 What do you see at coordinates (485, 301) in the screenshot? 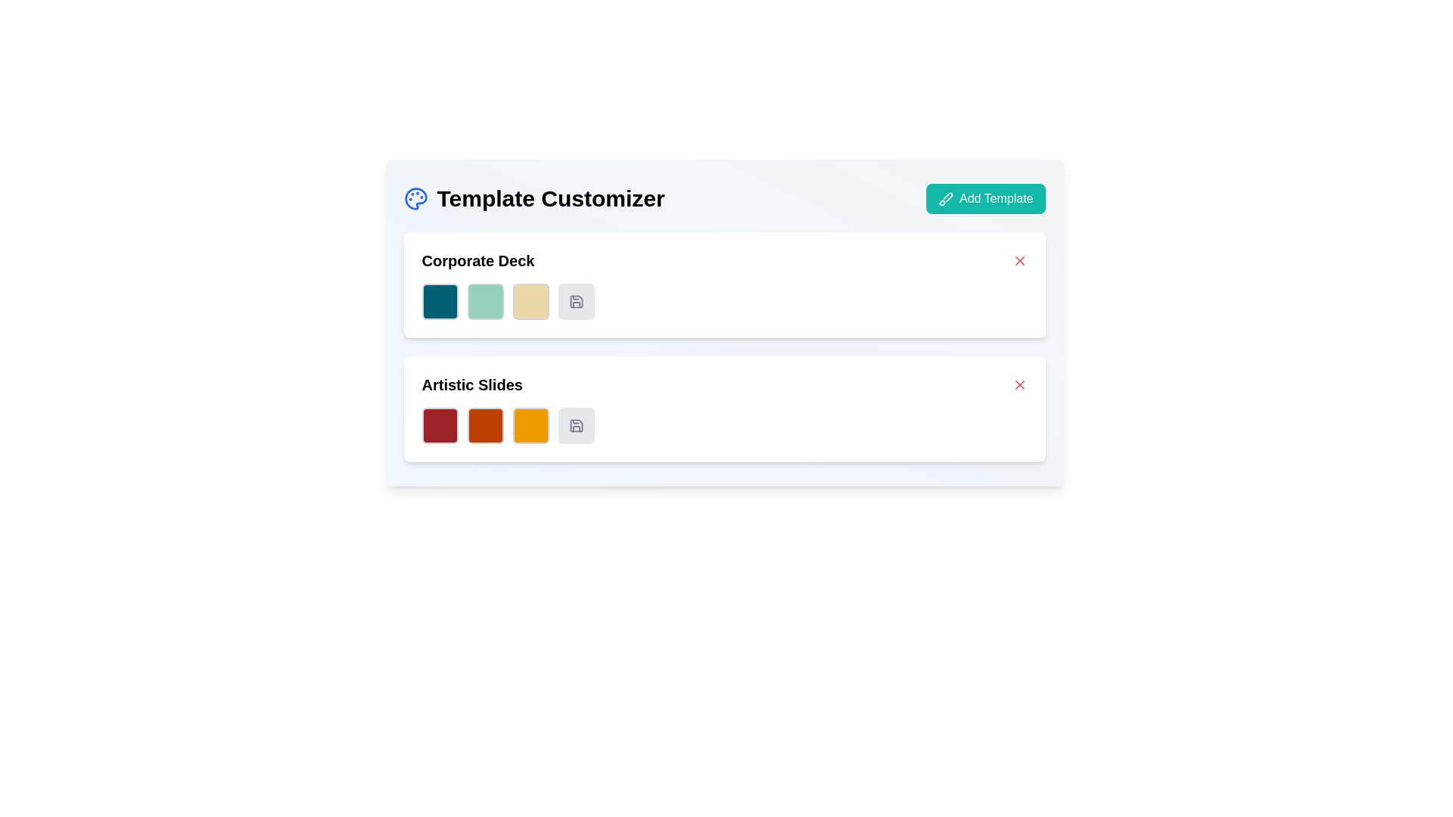
I see `the second square in the color selection box located under the 'Corporate Deck' section, positioned between a dark teal square and a light beige square` at bounding box center [485, 301].